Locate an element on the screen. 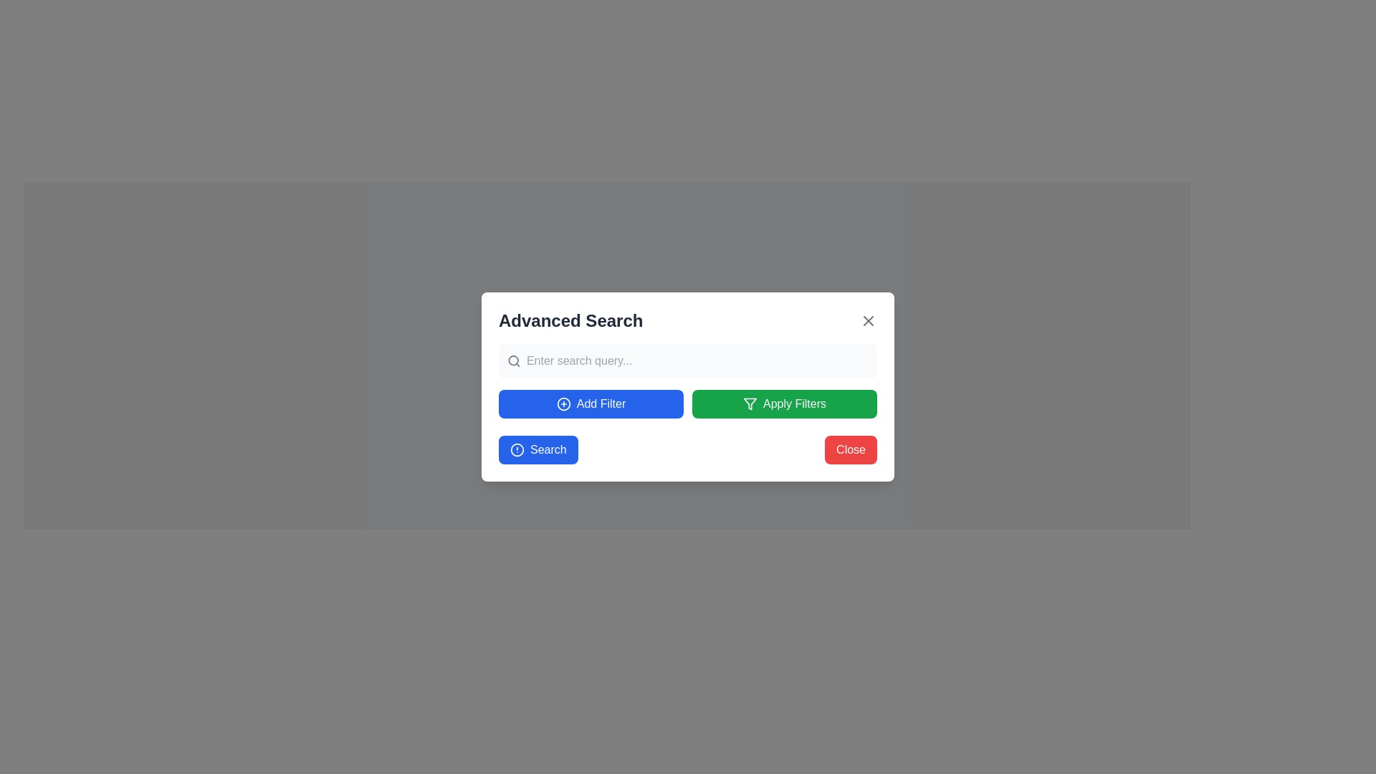 The width and height of the screenshot is (1376, 774). the circular icon part of the SVG graphic that is styled as the outline of a circle, located on the 'Search' button is located at coordinates (516, 449).